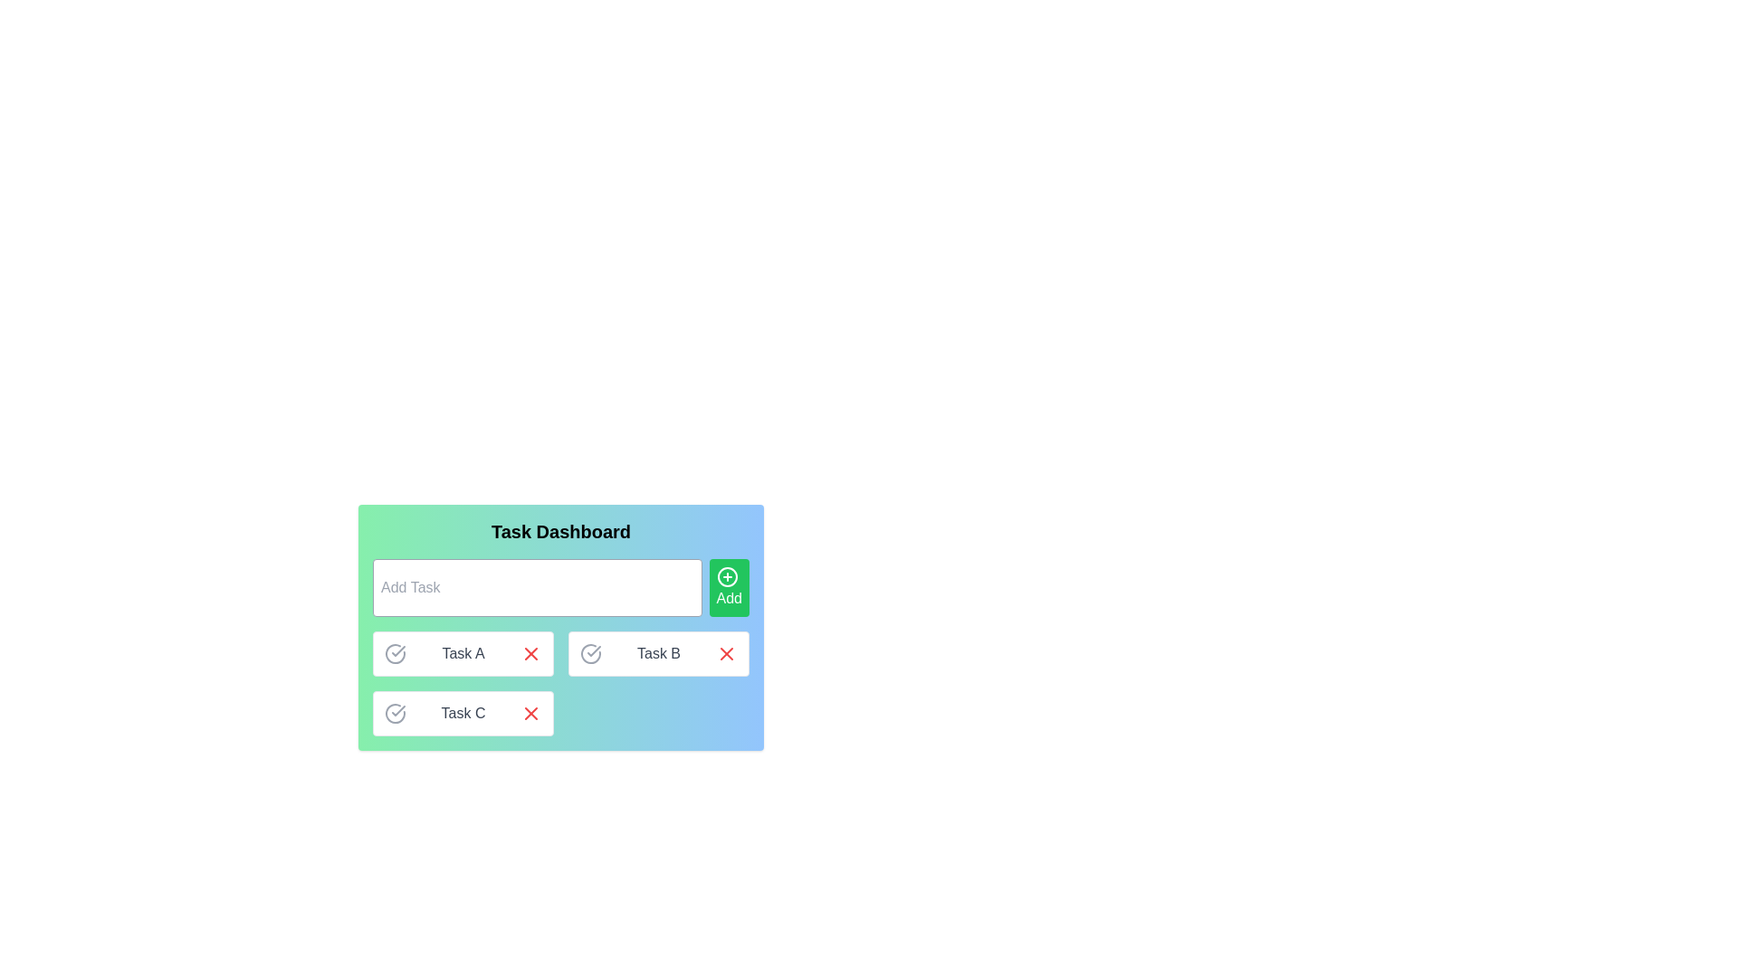 This screenshot has height=977, width=1738. What do you see at coordinates (394, 653) in the screenshot?
I see `the completion status icon located in the first row of tasks labeled 'Task A'` at bounding box center [394, 653].